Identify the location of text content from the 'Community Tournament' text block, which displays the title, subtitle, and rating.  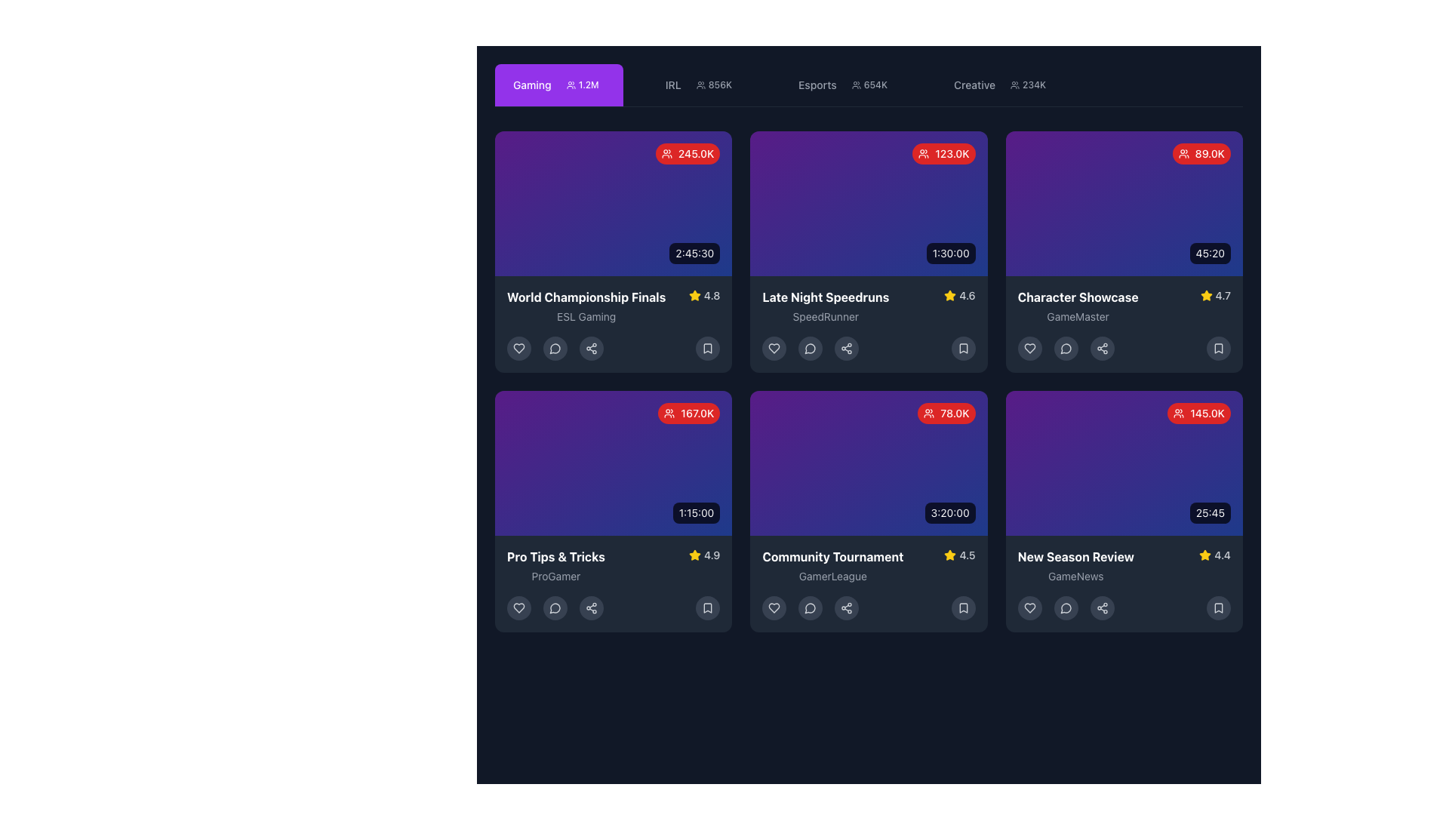
(869, 565).